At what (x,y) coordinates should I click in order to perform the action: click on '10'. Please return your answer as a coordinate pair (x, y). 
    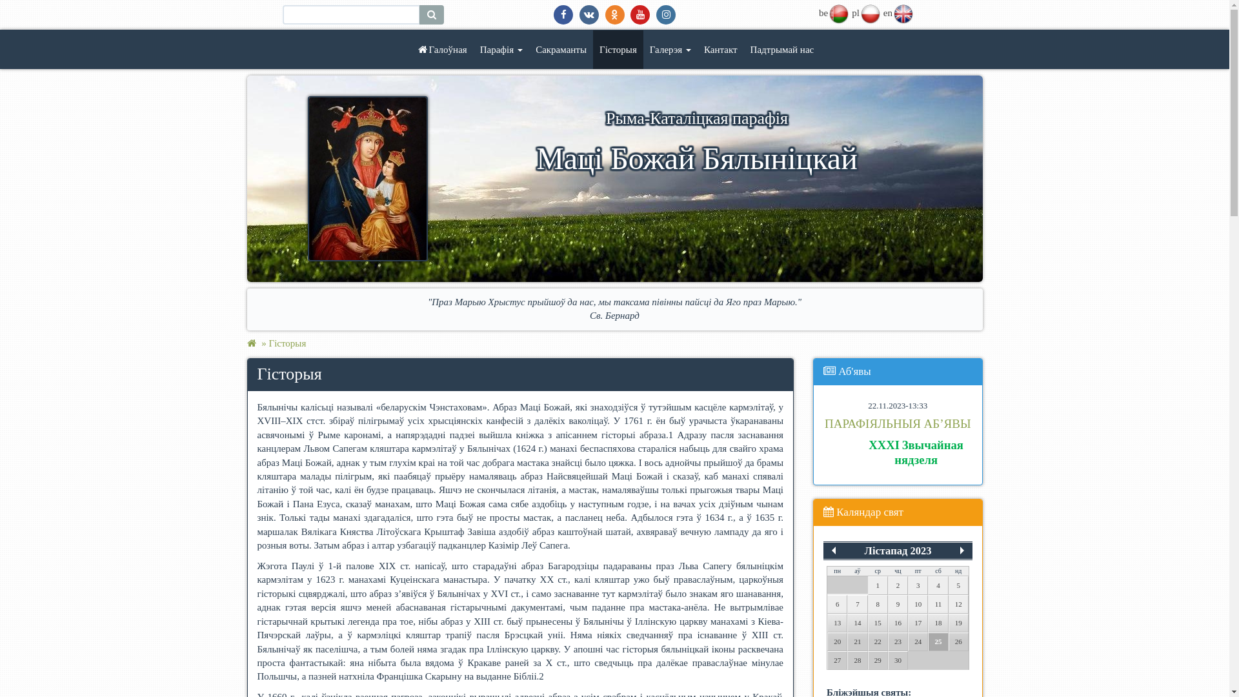
    Looking at the image, I should click on (917, 604).